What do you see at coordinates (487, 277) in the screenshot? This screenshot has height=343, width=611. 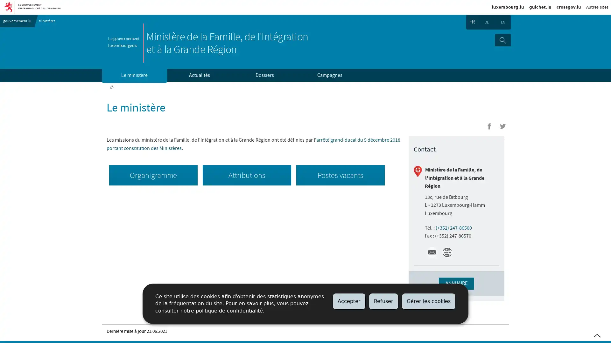 I see `imgFullScreen` at bounding box center [487, 277].